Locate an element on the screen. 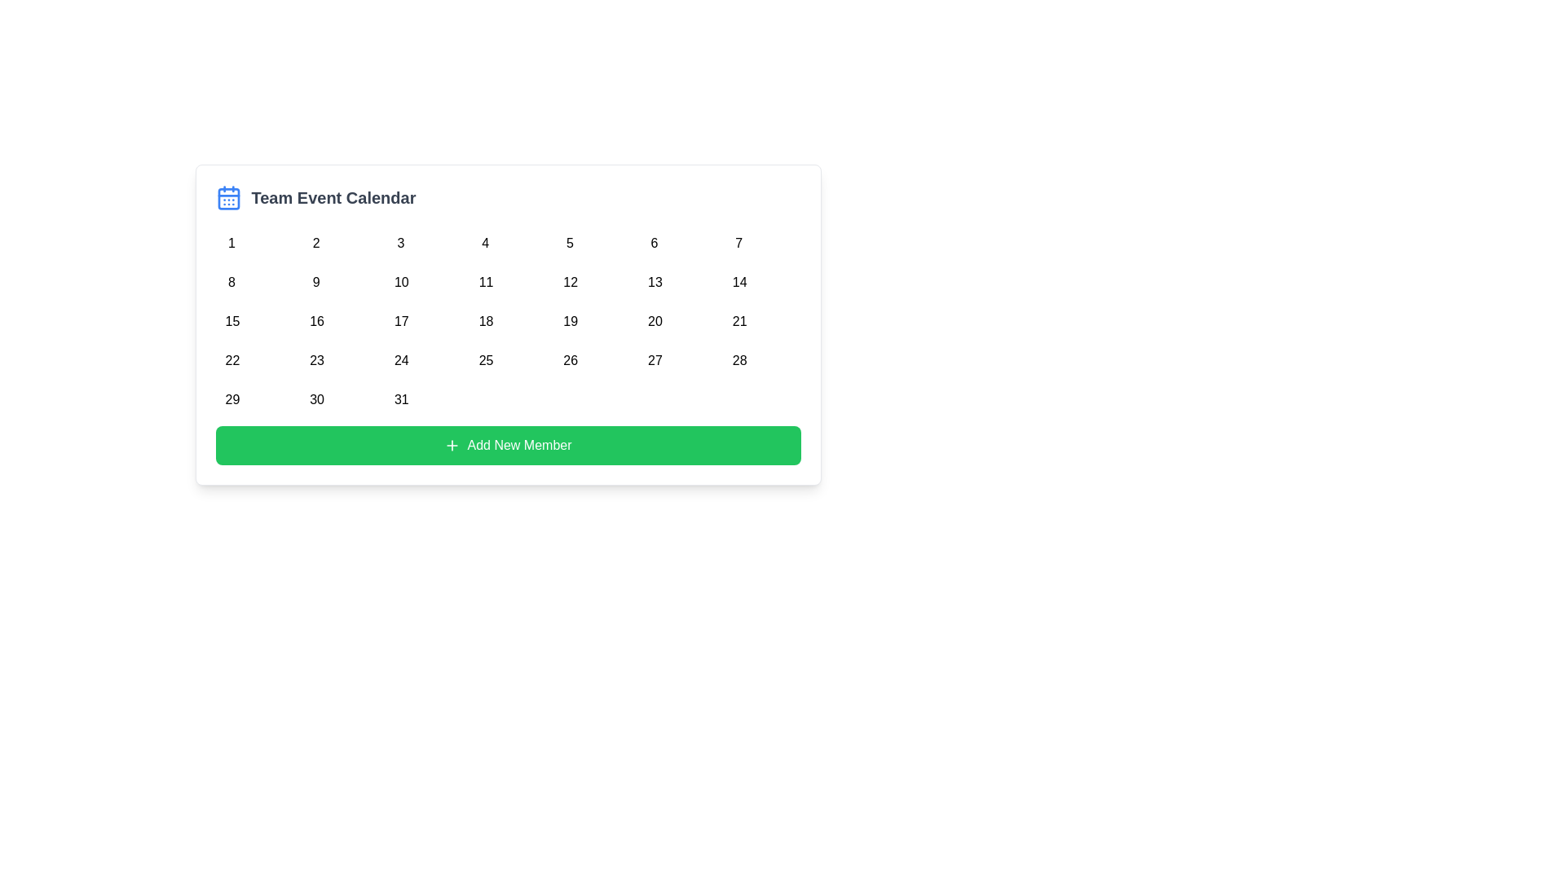 The width and height of the screenshot is (1565, 880). the calendar date button located in the fifth row and fourth column of the grid is located at coordinates (400, 357).